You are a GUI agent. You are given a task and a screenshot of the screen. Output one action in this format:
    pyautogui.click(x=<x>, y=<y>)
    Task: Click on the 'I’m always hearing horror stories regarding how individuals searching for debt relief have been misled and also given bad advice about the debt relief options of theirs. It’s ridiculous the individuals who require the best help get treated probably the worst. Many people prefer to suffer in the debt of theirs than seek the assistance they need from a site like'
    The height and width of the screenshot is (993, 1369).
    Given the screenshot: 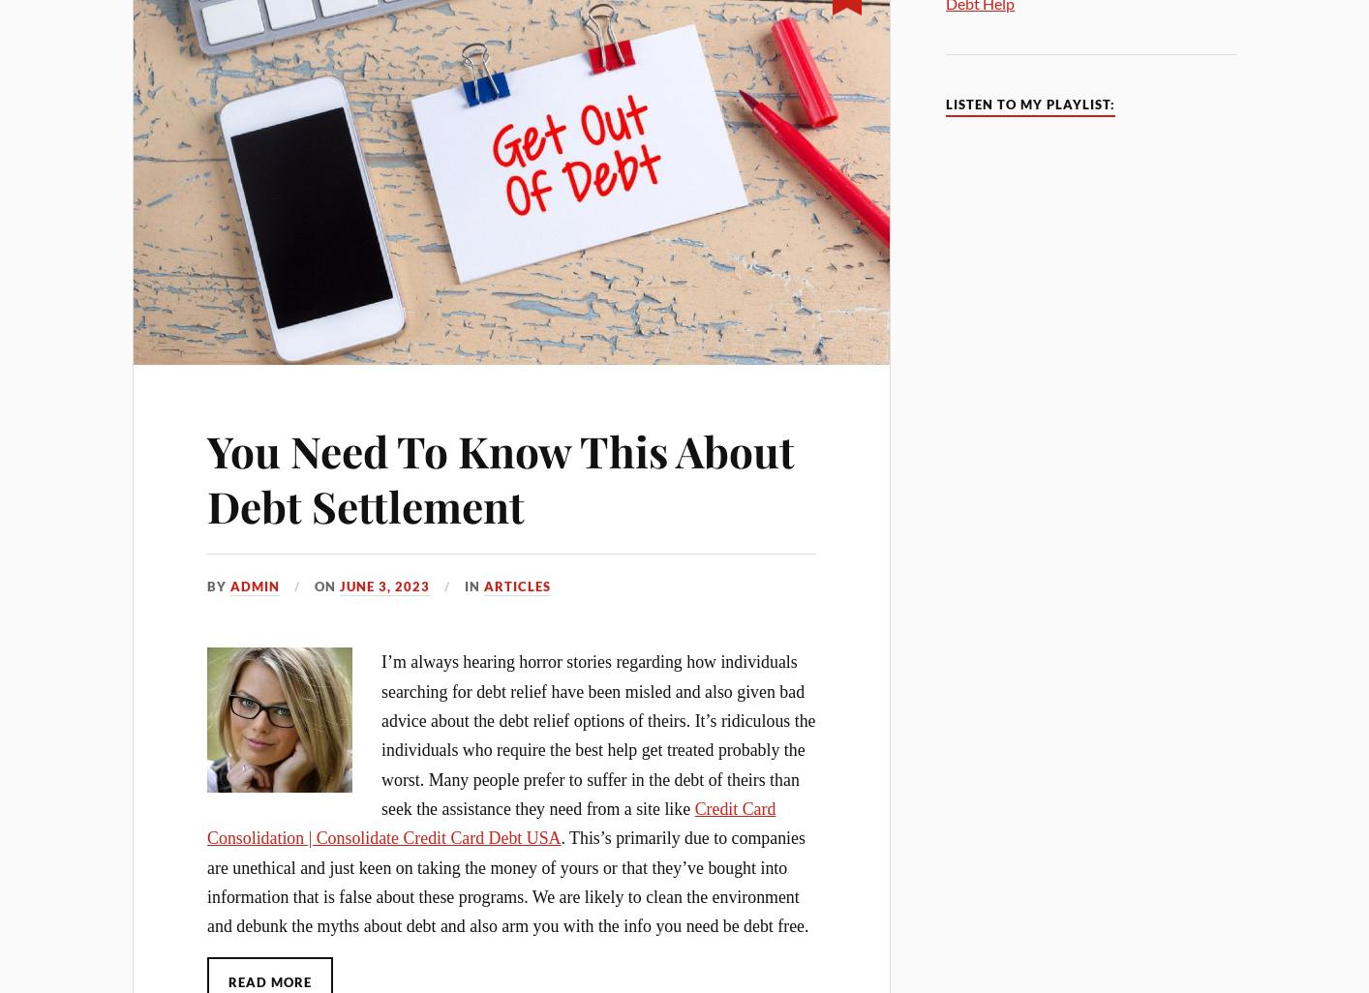 What is the action you would take?
    pyautogui.click(x=597, y=735)
    